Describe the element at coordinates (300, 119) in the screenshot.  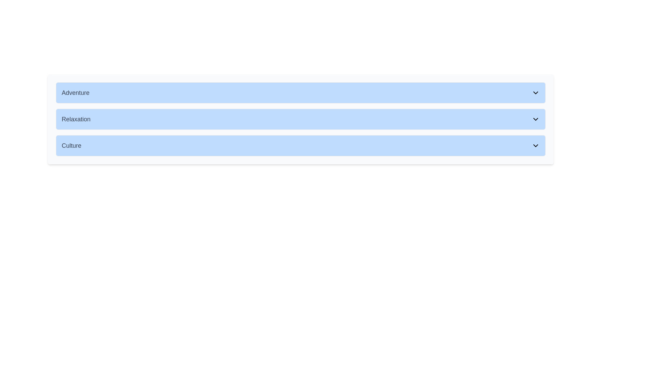
I see `the 'Relaxation' collapsible menu item, which features a light blue background and a chevron icon` at that location.